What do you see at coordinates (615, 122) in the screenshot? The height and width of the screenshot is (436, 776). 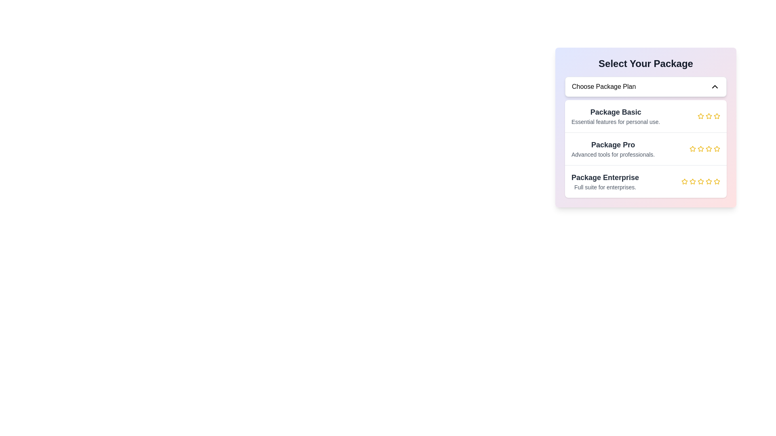 I see `the text displaying 'Essential features for personal use.' located below the 'Package Basic' title in the packages section` at bounding box center [615, 122].